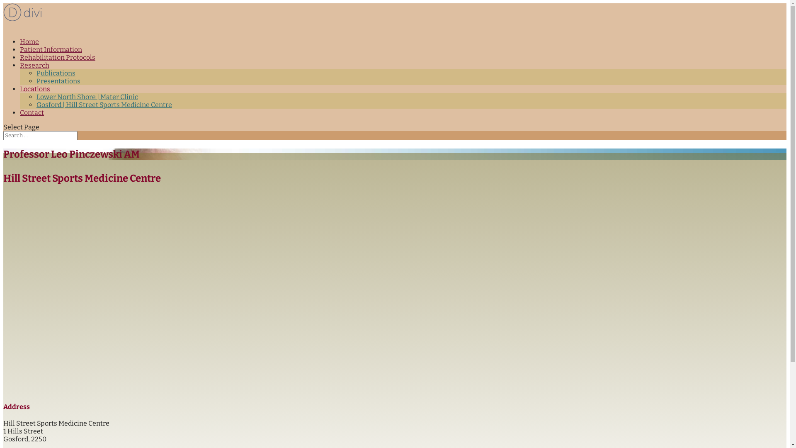 The height and width of the screenshot is (448, 796). I want to click on 'Locations', so click(34, 93).